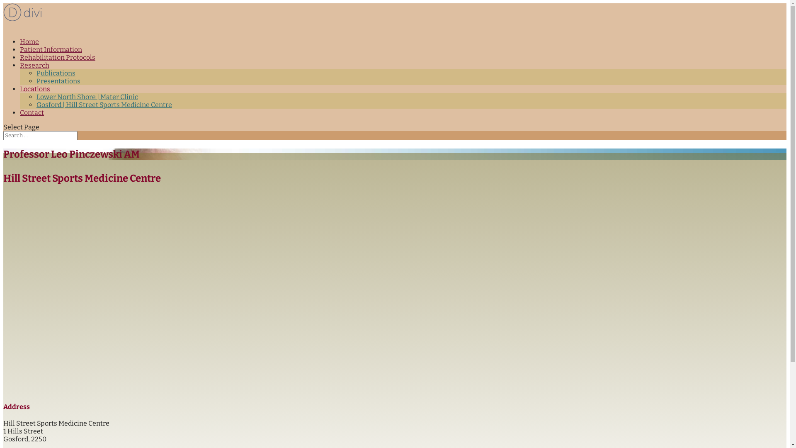 The height and width of the screenshot is (448, 796). I want to click on 'Locations', so click(34, 93).